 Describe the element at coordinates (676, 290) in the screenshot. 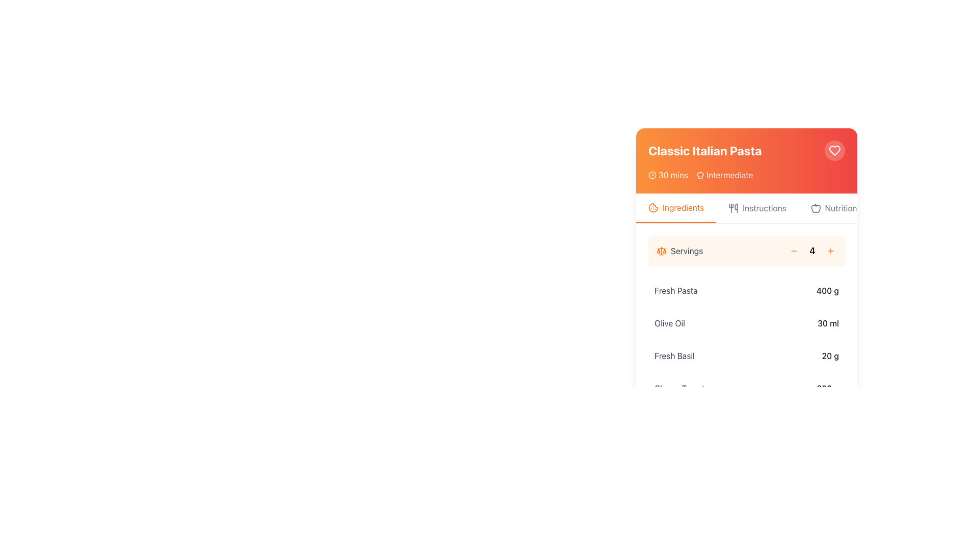

I see `the text label displaying 'Fresh Pasta' located on the left side of the row in the 'Ingredients' section` at that location.